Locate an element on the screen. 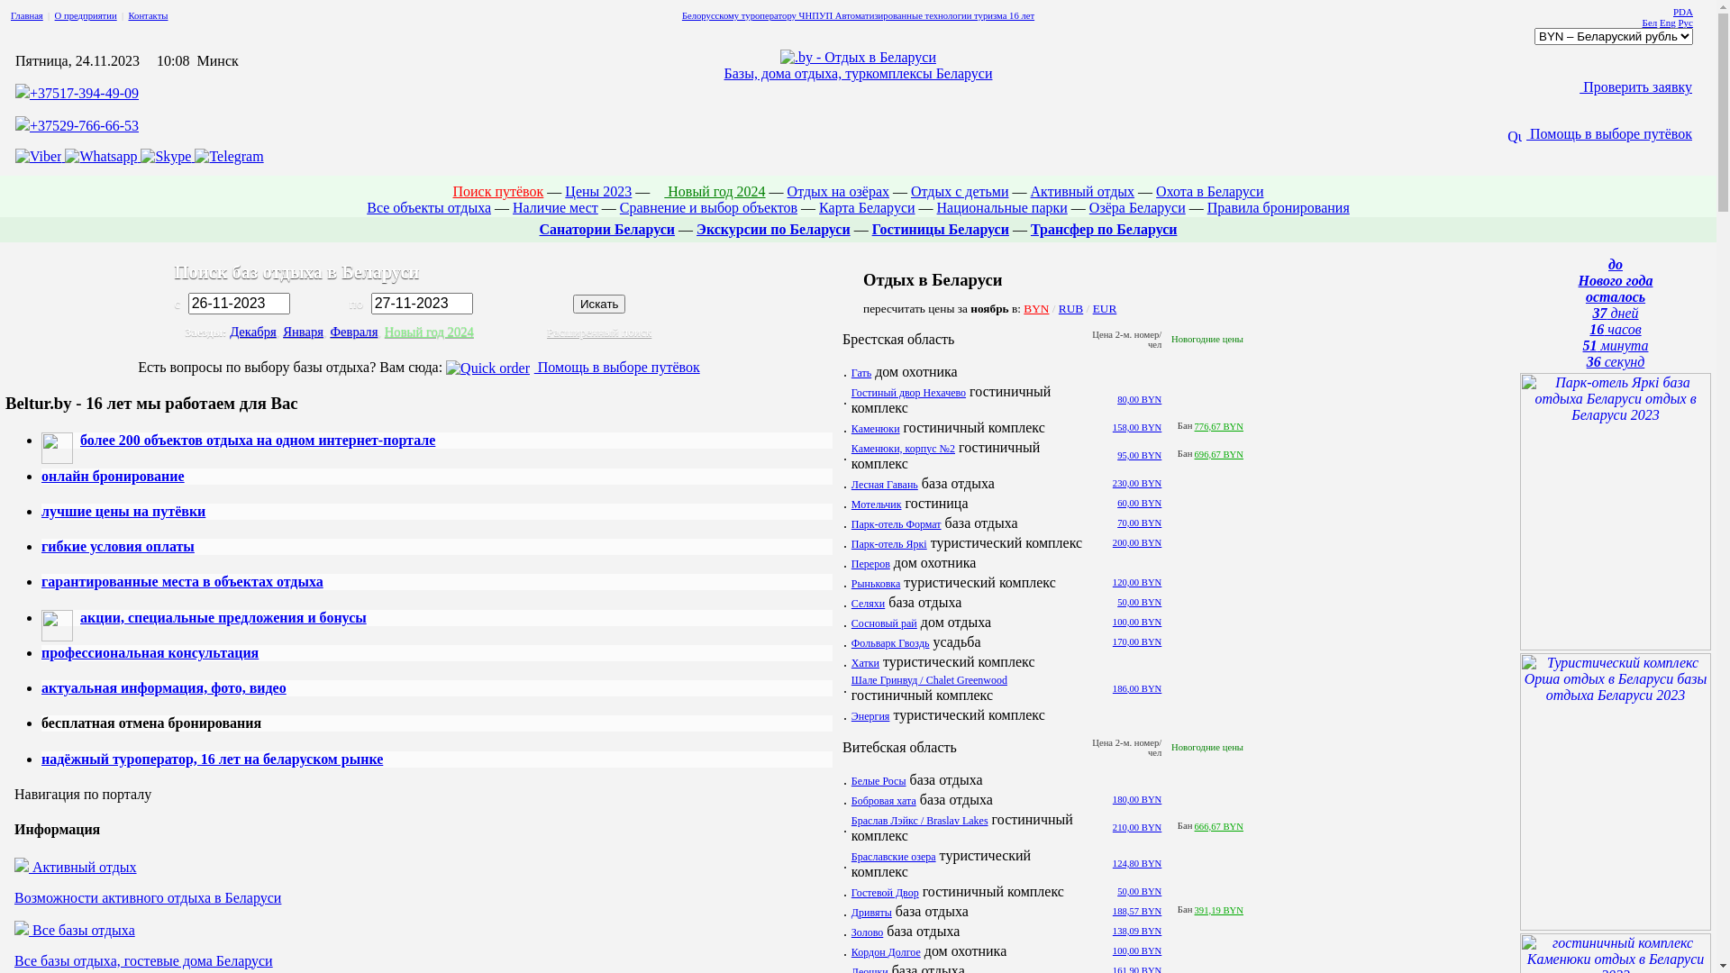 The height and width of the screenshot is (973, 1730). '138,09 BYN' is located at coordinates (1111, 931).